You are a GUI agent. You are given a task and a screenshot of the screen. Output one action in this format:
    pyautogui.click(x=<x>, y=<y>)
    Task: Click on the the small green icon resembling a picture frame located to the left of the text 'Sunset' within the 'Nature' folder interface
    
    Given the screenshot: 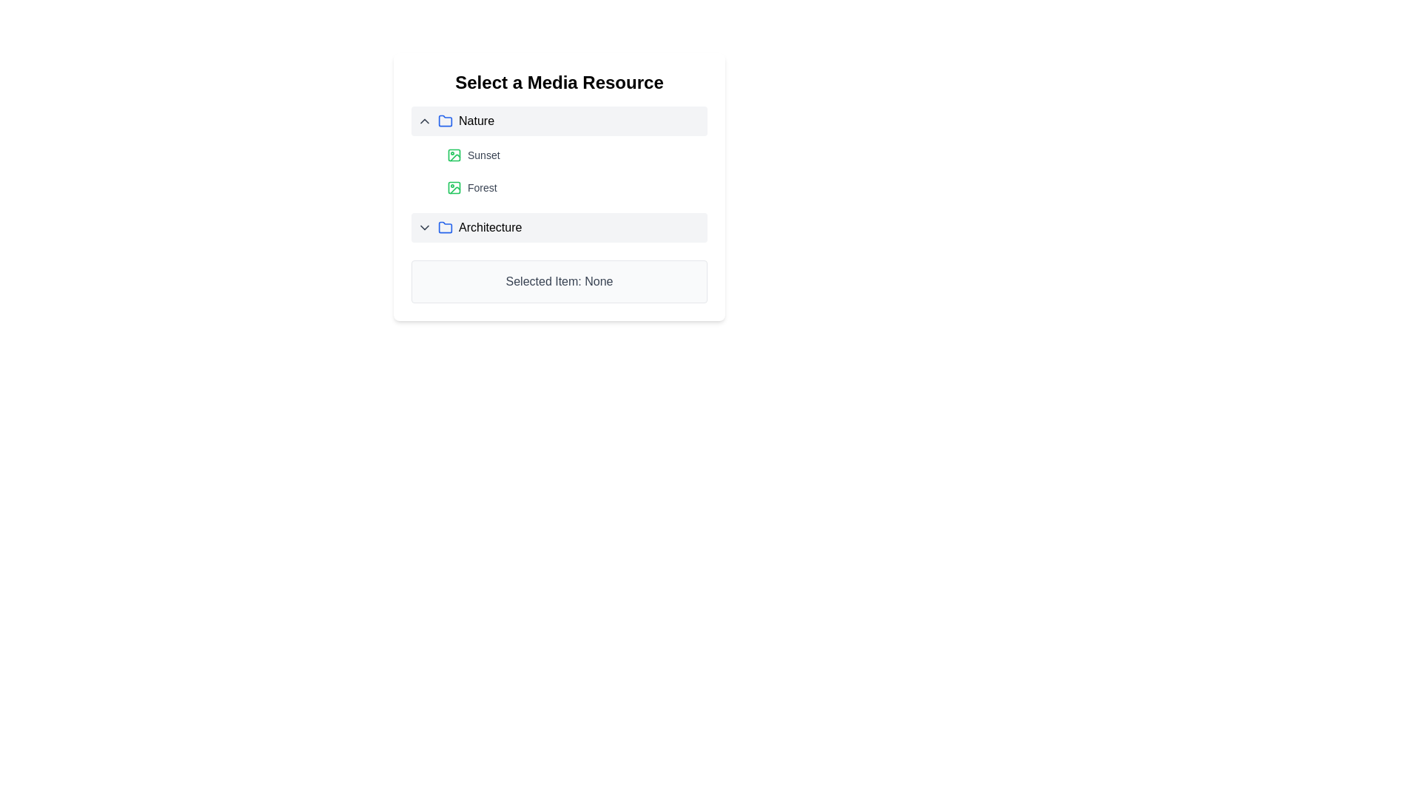 What is the action you would take?
    pyautogui.click(x=454, y=155)
    